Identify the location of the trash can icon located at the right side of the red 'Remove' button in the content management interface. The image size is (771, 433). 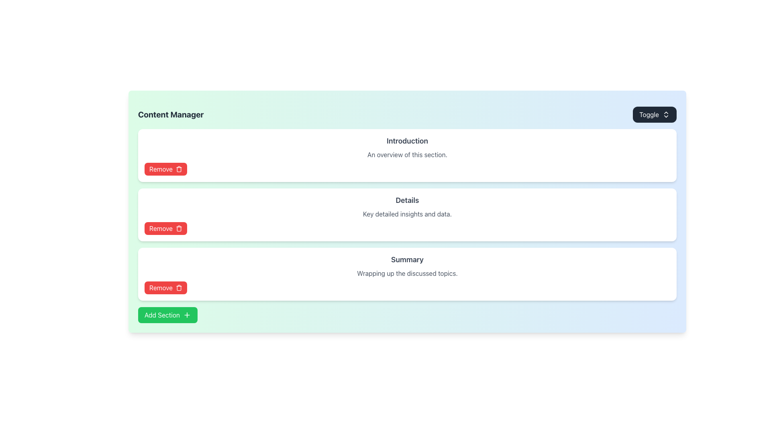
(179, 287).